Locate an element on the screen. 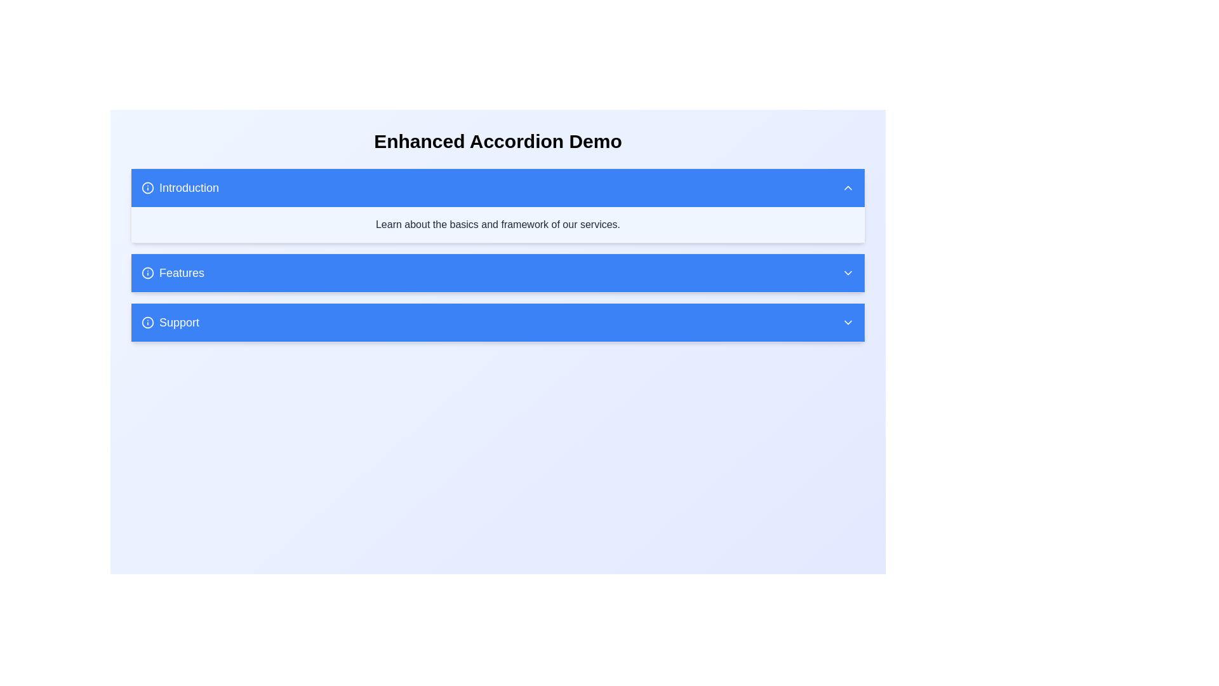 Image resolution: width=1219 pixels, height=686 pixels. the circular icon with an 'i' symbol located to the left of the text 'Features' is located at coordinates (148, 272).